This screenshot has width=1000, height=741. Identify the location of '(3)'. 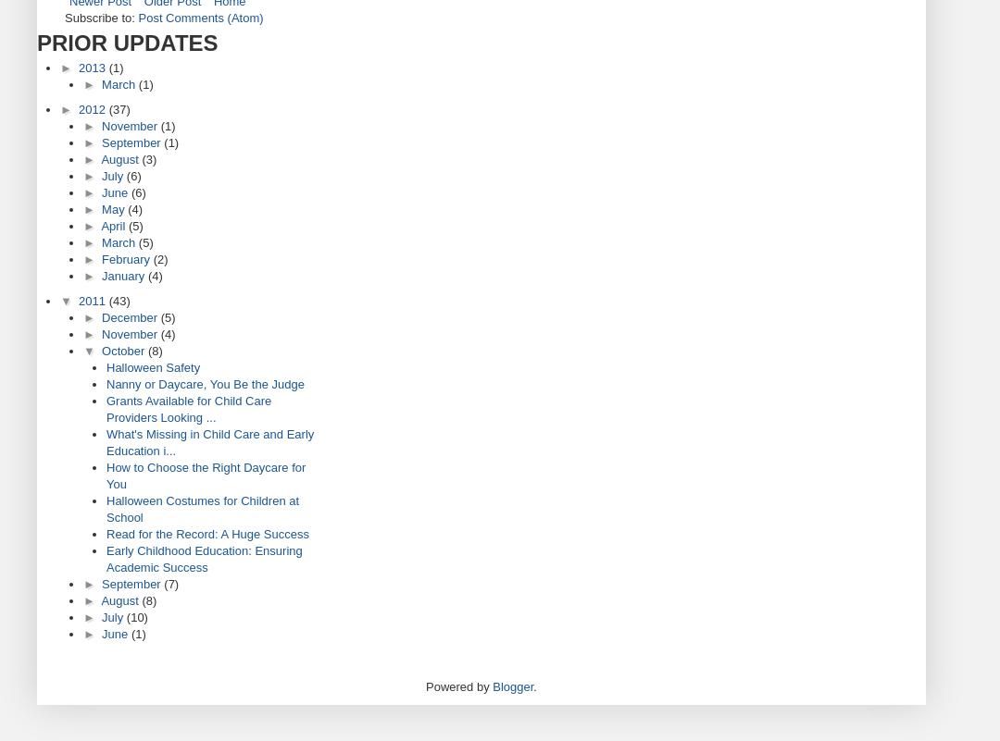
(148, 159).